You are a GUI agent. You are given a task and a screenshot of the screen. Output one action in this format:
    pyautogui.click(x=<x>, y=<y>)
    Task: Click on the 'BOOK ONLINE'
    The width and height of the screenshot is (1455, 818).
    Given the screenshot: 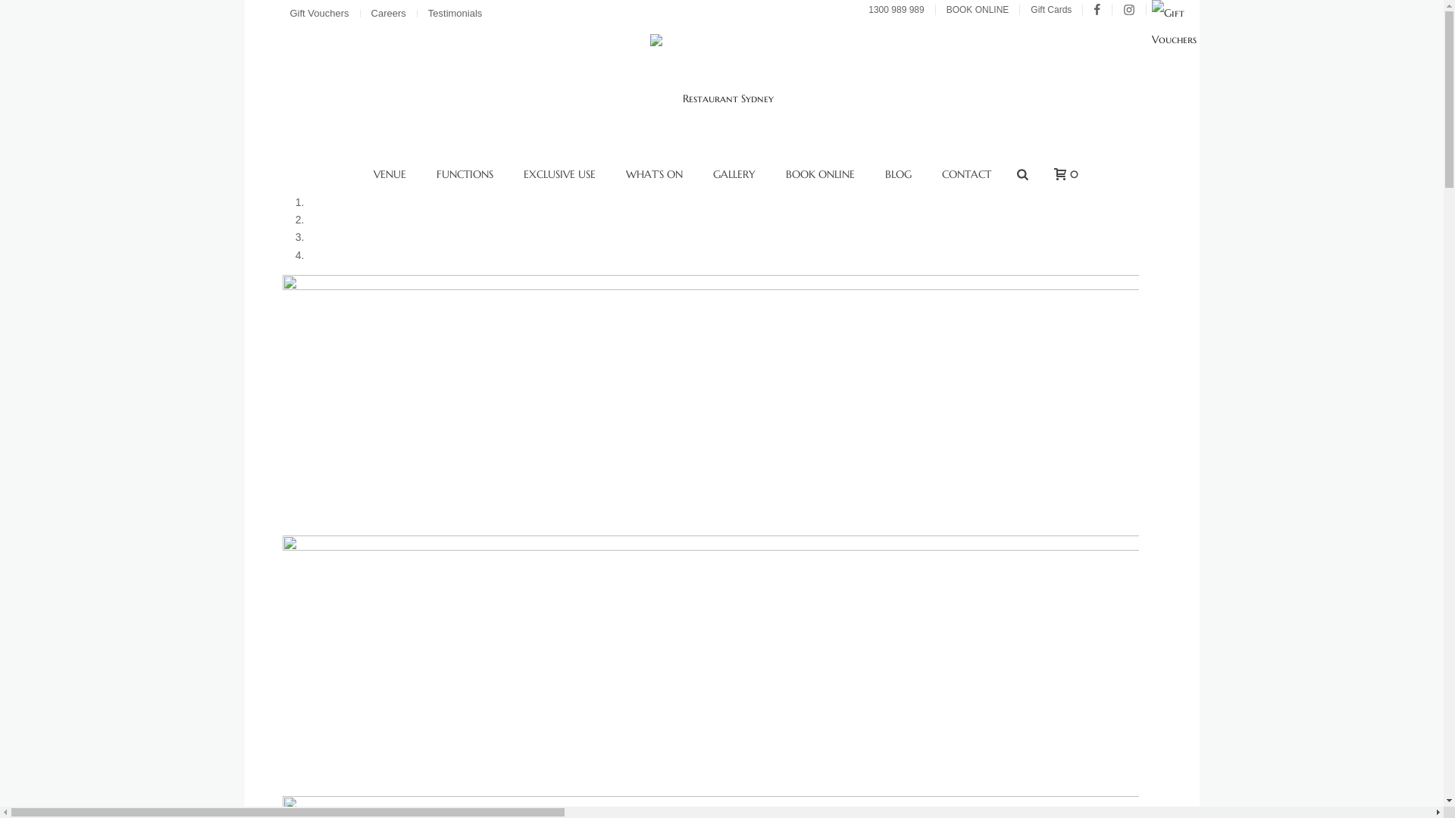 What is the action you would take?
    pyautogui.click(x=979, y=9)
    